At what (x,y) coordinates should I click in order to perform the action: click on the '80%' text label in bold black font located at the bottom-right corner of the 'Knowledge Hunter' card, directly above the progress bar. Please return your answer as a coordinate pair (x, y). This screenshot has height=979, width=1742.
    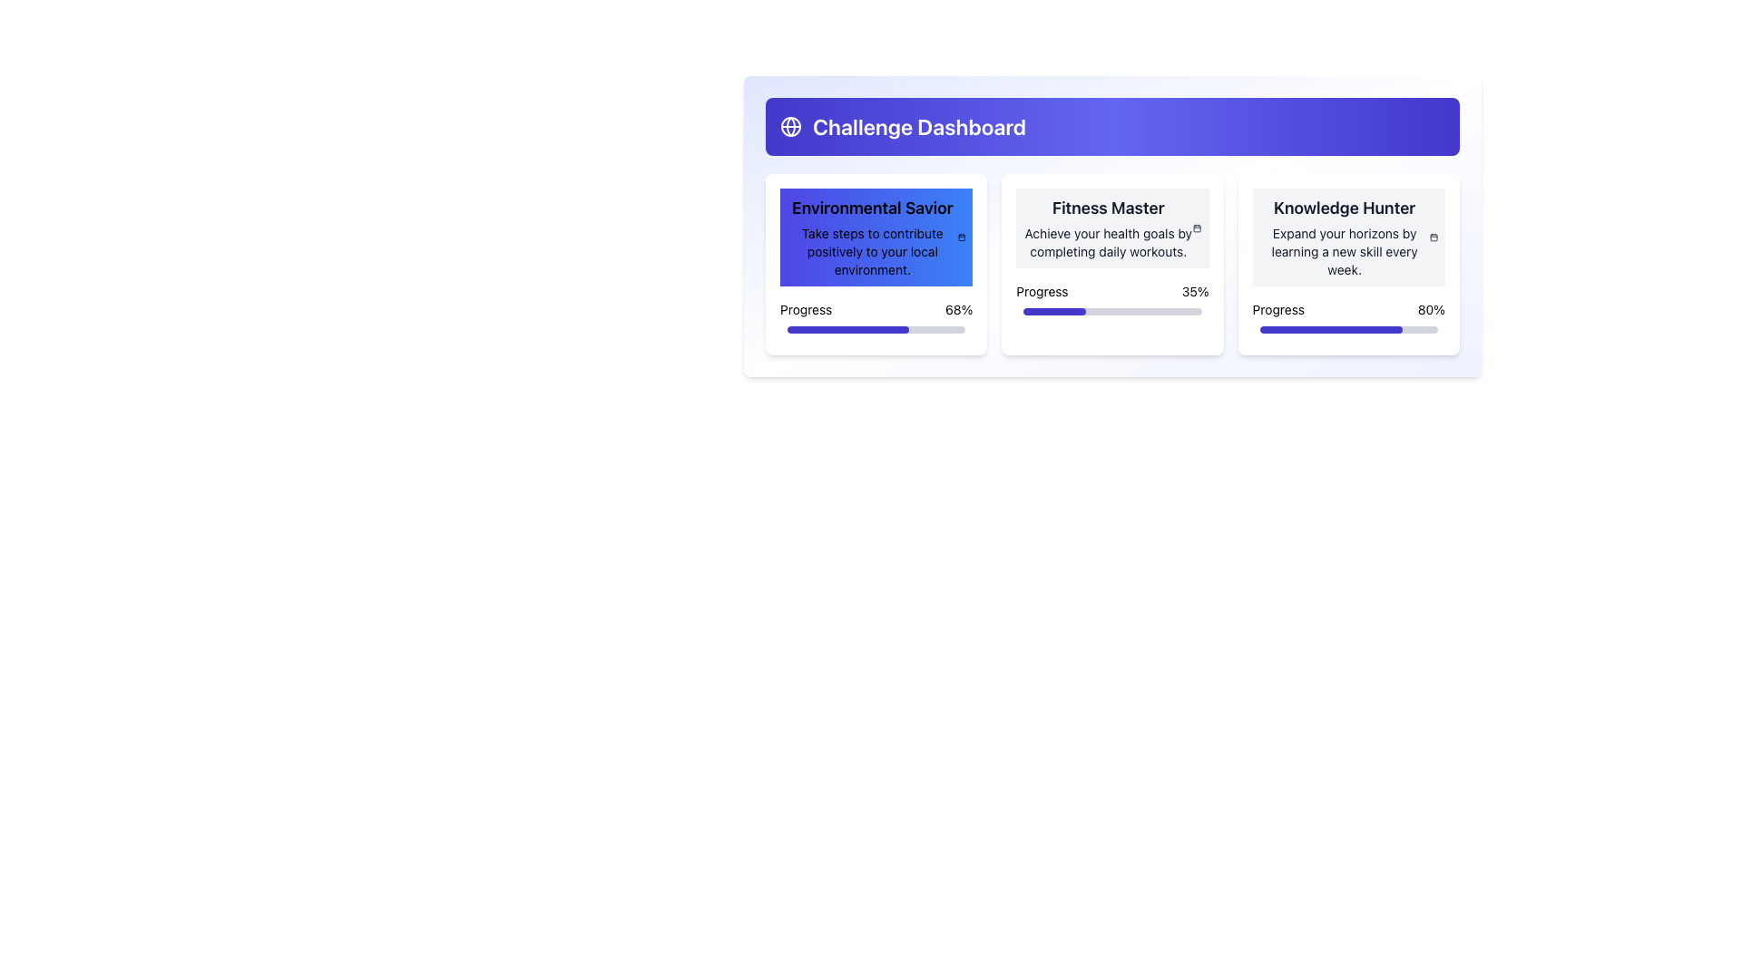
    Looking at the image, I should click on (1430, 309).